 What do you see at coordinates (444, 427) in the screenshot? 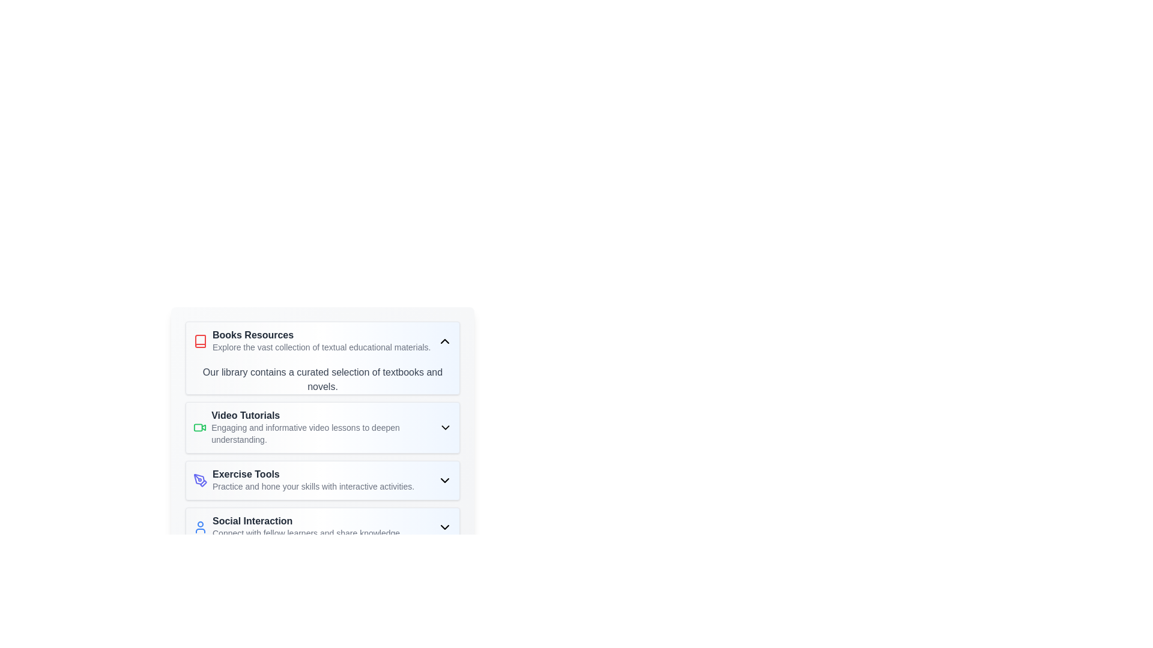
I see `the downward-facing chevron icon next to the 'Video Tutorials' text label` at bounding box center [444, 427].